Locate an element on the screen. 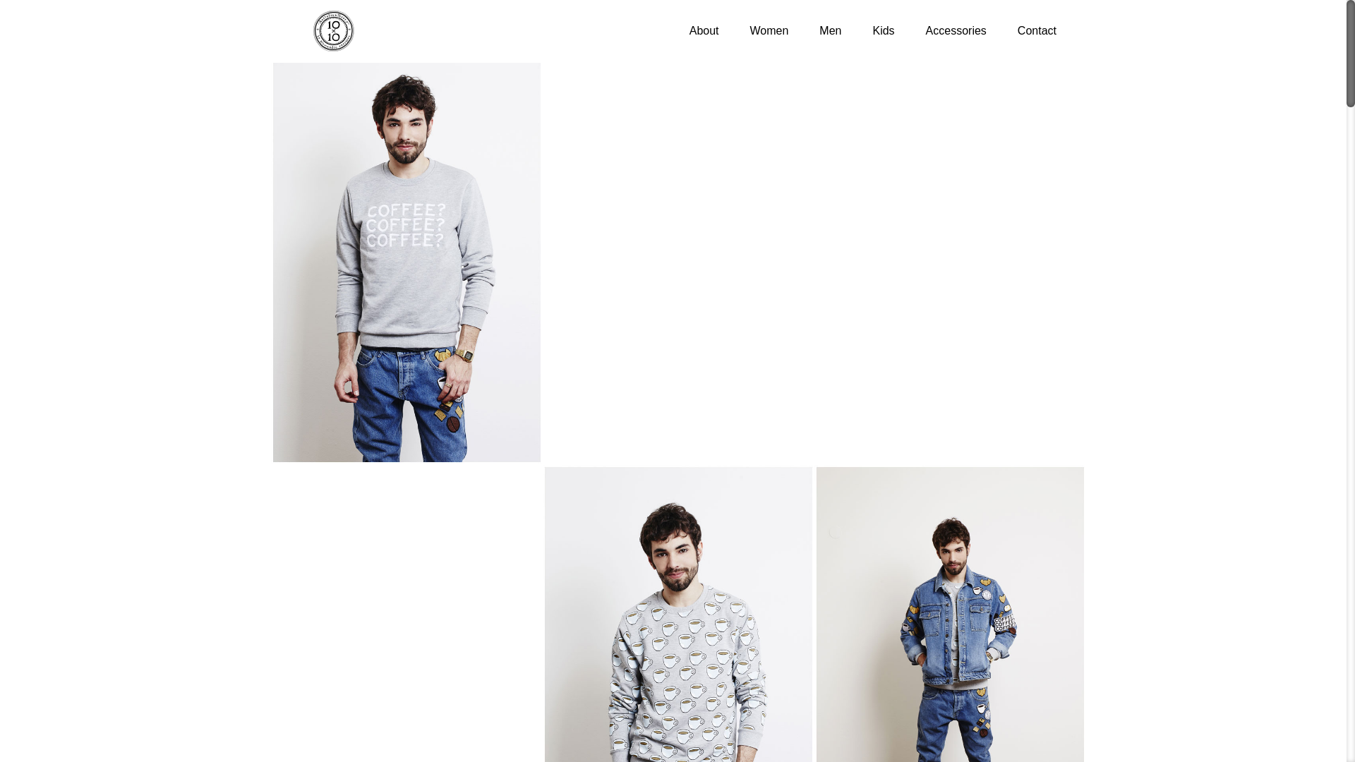 This screenshot has height=762, width=1355. 'About' is located at coordinates (704, 30).